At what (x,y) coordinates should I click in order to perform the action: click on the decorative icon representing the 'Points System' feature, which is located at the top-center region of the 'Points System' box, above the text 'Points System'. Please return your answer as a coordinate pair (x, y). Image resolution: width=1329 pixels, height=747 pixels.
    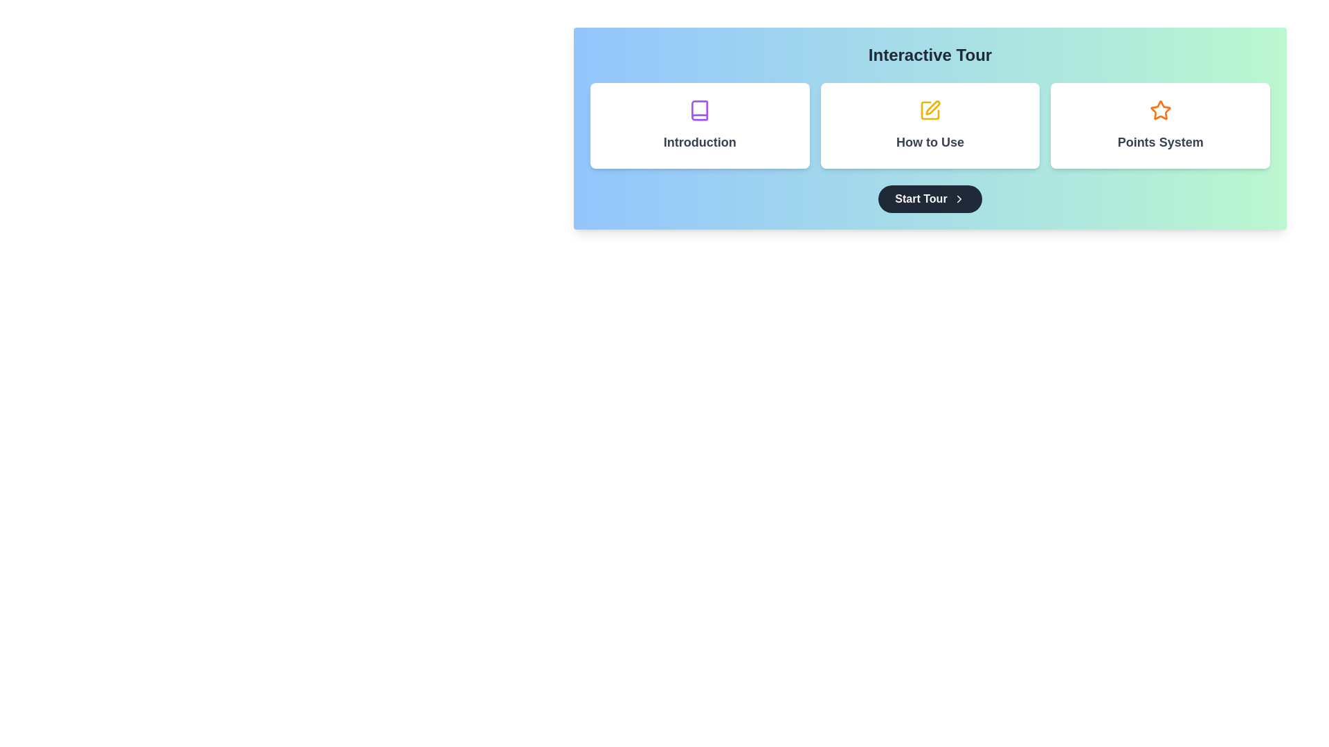
    Looking at the image, I should click on (1160, 109).